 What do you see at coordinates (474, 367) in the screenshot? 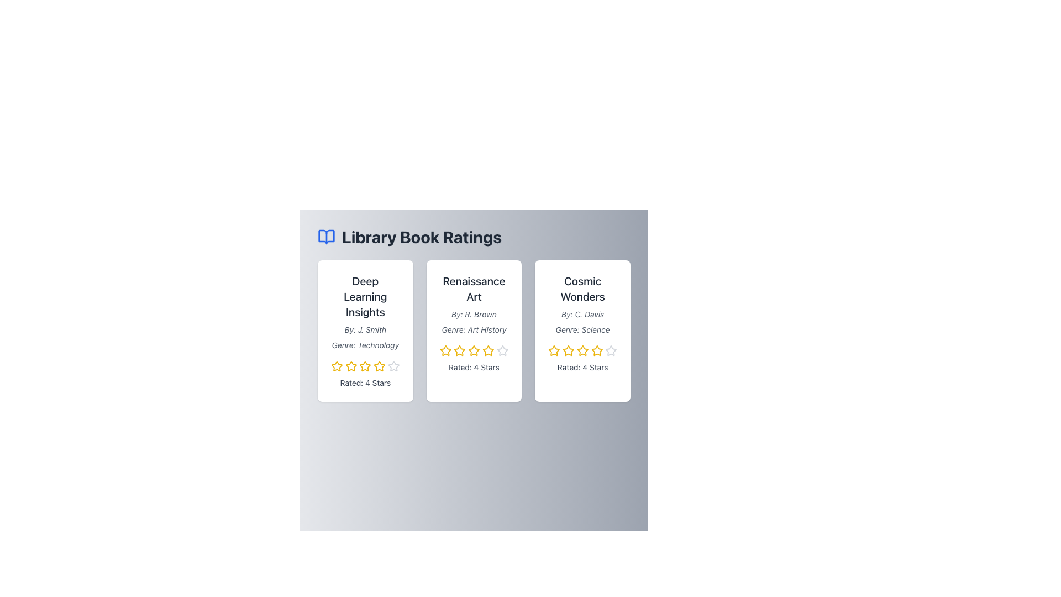
I see `the Text Label displaying the rating score for the 'Renaissance Art' card, located at the bottom of the card, directly below the yellow stars` at bounding box center [474, 367].